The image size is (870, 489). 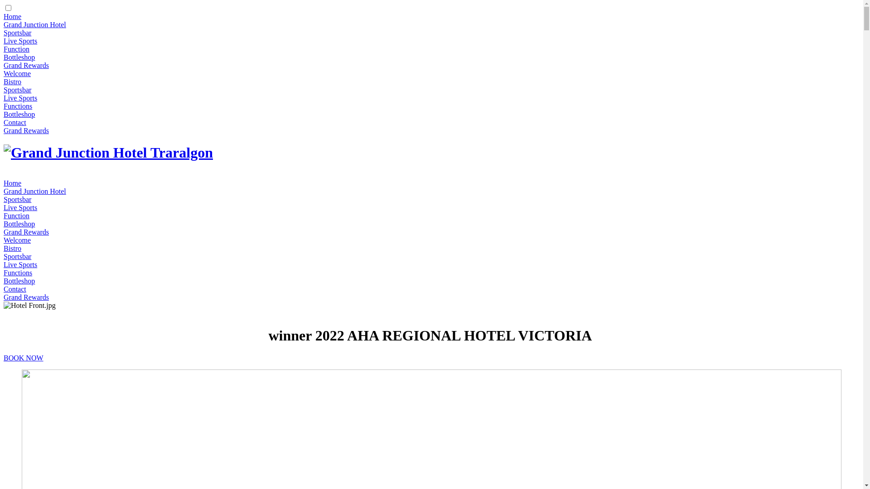 I want to click on 'Sportsbar', so click(x=17, y=199).